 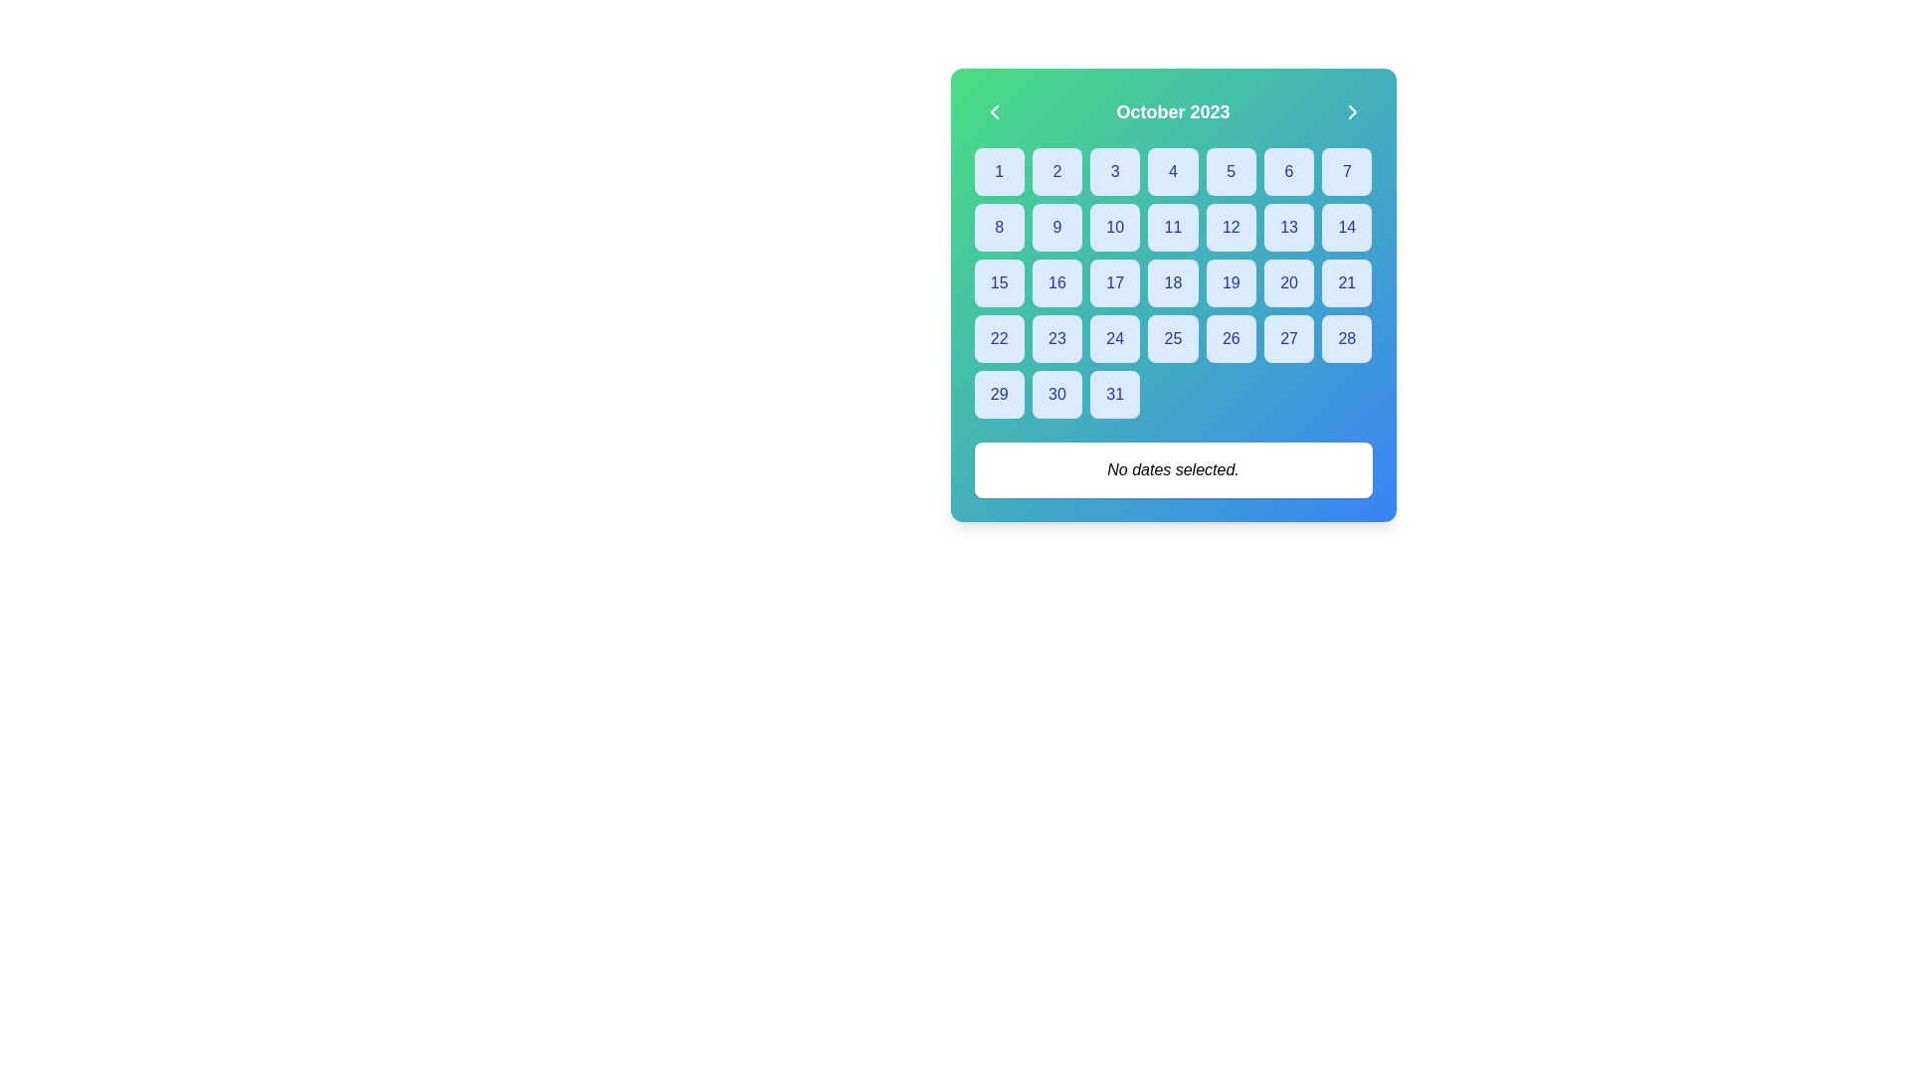 I want to click on the square button with a light blue background and the text '24' in blue font, located in the fourth row and fourth column of the calendar grid for October 2023, so click(x=1115, y=337).